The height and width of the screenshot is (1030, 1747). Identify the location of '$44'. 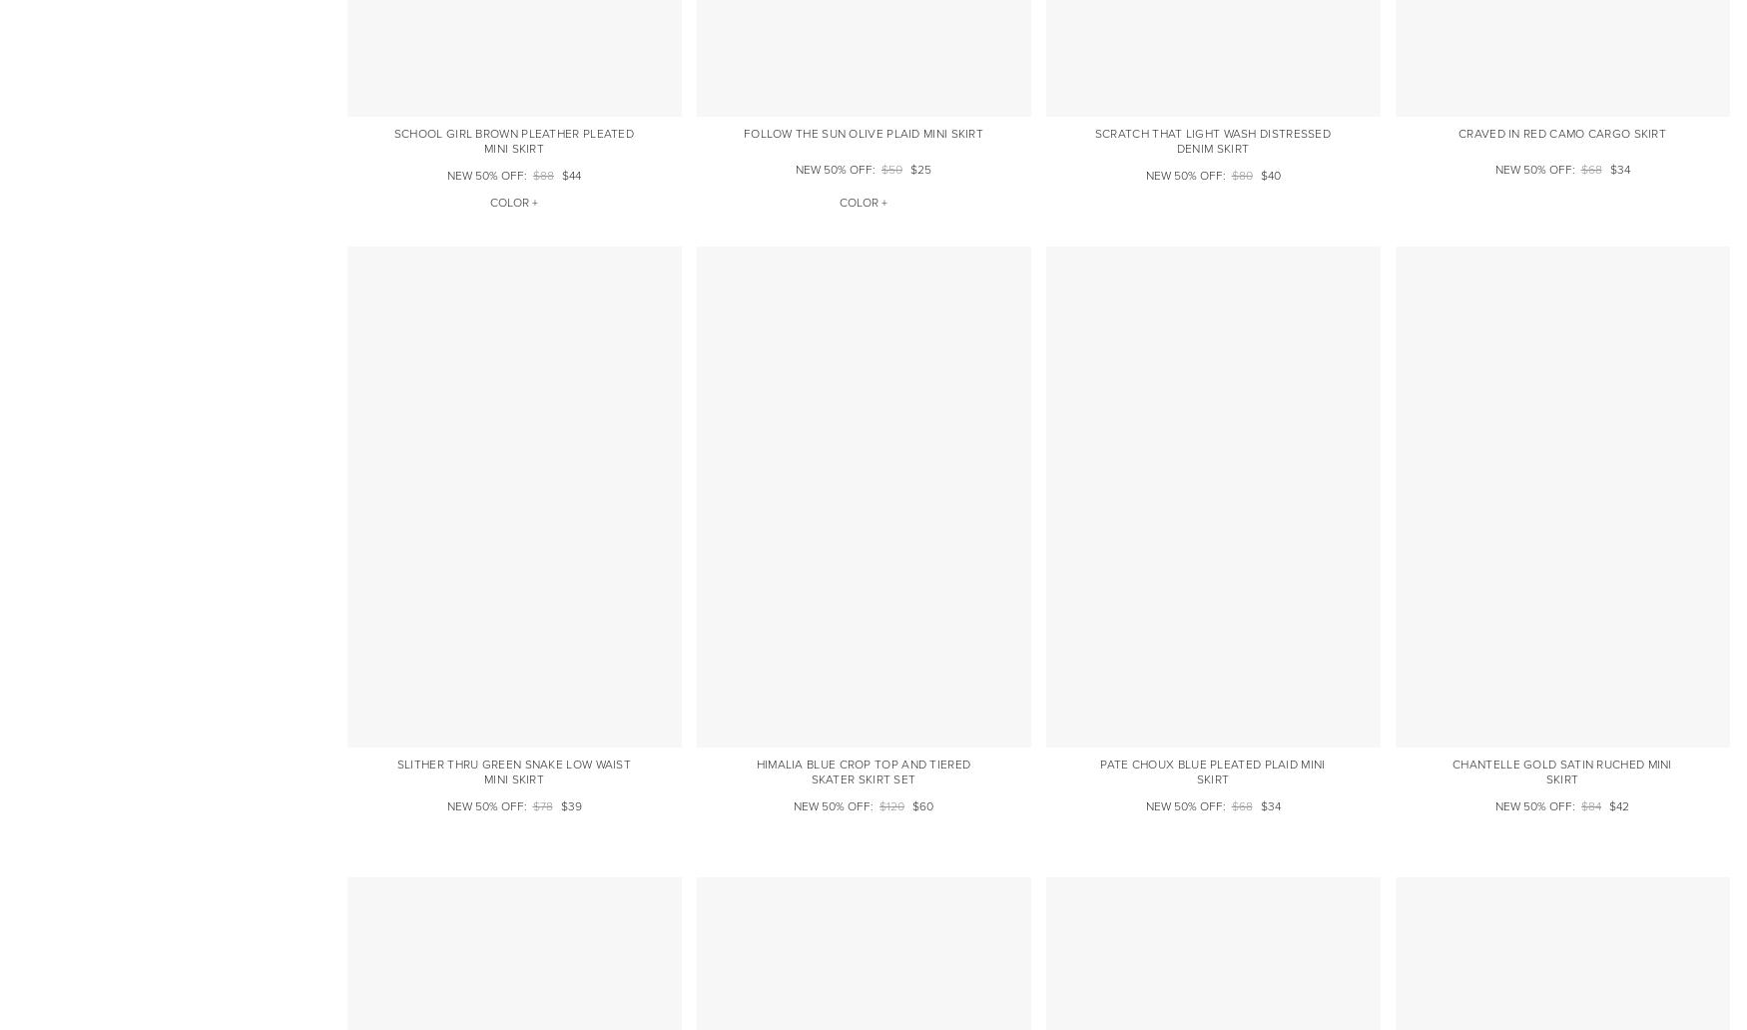
(560, 174).